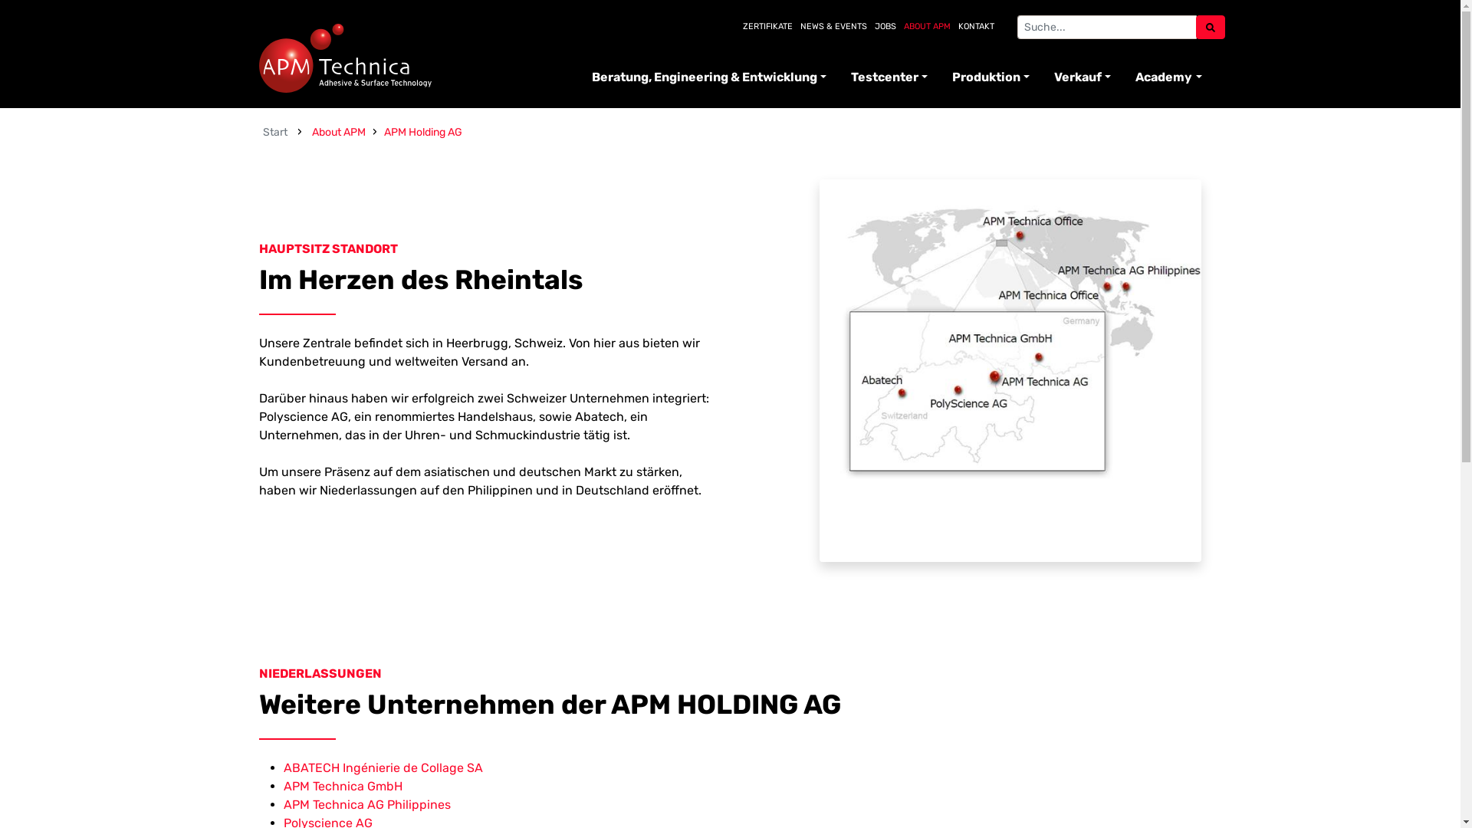  What do you see at coordinates (1162, 77) in the screenshot?
I see `'Academy'` at bounding box center [1162, 77].